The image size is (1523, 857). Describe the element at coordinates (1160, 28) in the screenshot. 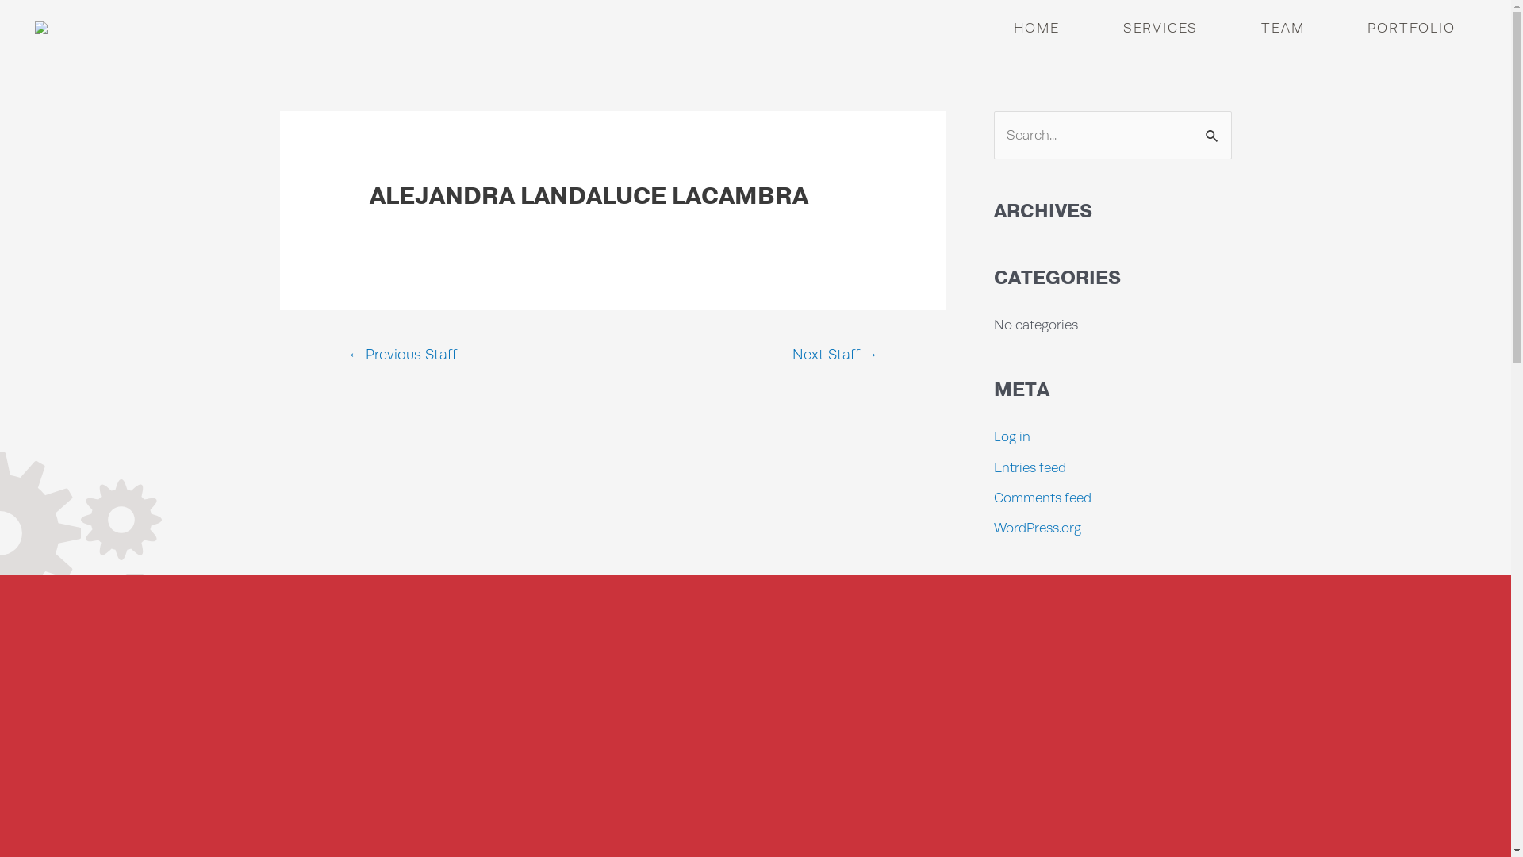

I see `'SERVICES'` at that location.